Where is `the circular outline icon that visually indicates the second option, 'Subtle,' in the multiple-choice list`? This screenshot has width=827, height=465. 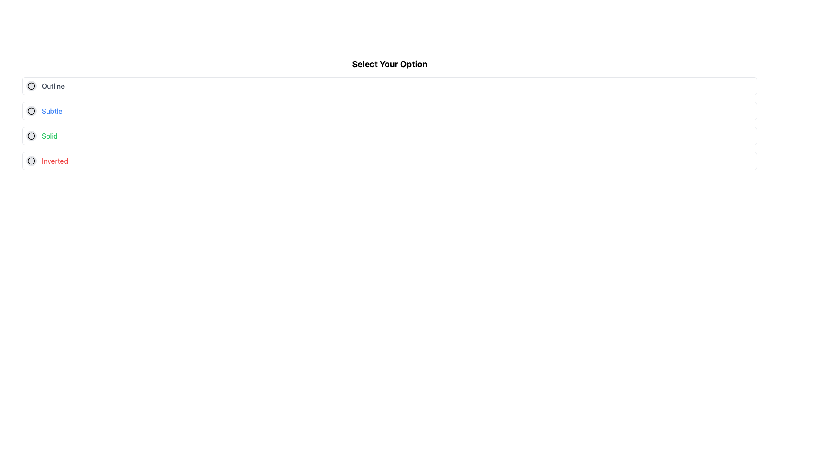
the circular outline icon that visually indicates the second option, 'Subtle,' in the multiple-choice list is located at coordinates (31, 111).